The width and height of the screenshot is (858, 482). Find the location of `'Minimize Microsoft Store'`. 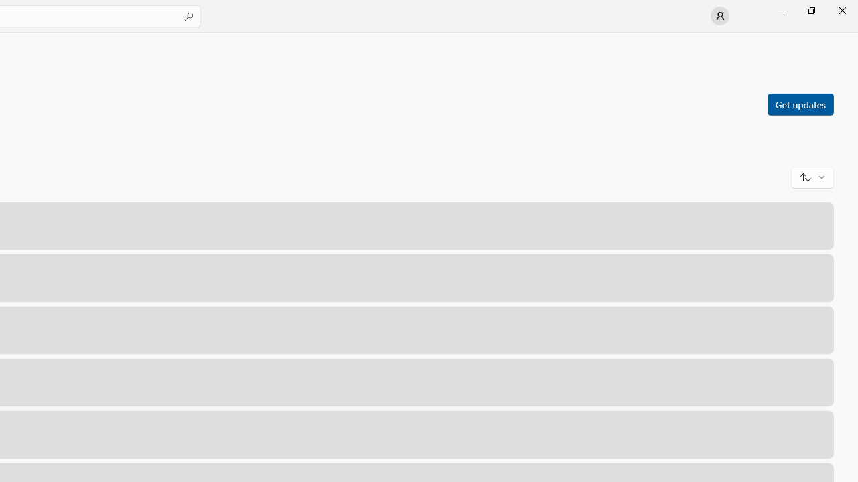

'Minimize Microsoft Store' is located at coordinates (780, 10).